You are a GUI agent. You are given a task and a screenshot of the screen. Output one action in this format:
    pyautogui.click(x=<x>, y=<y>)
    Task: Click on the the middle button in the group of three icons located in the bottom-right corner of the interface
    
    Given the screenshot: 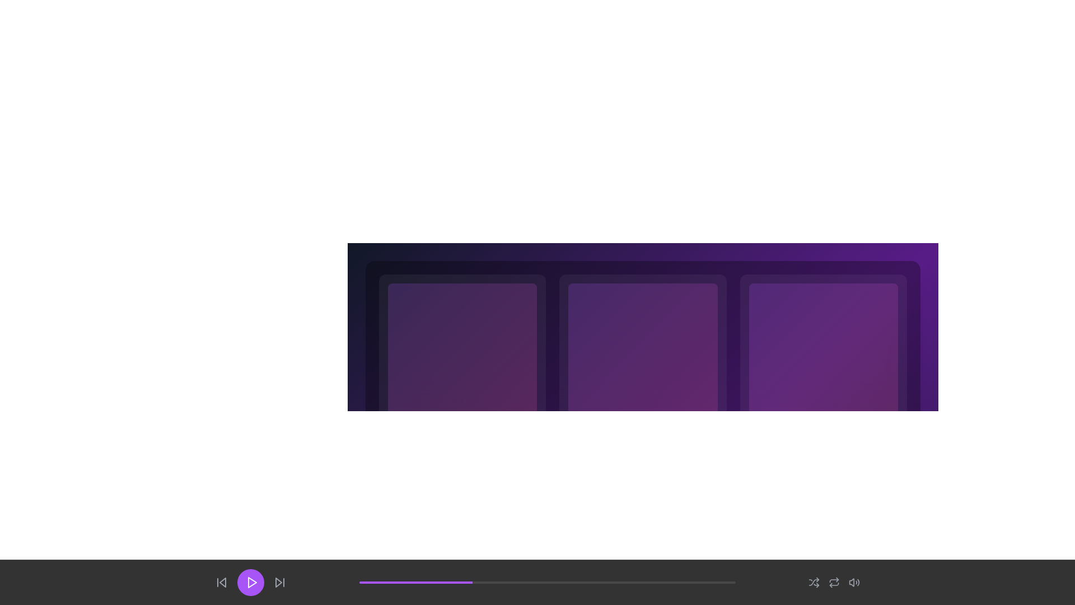 What is the action you would take?
    pyautogui.click(x=834, y=582)
    